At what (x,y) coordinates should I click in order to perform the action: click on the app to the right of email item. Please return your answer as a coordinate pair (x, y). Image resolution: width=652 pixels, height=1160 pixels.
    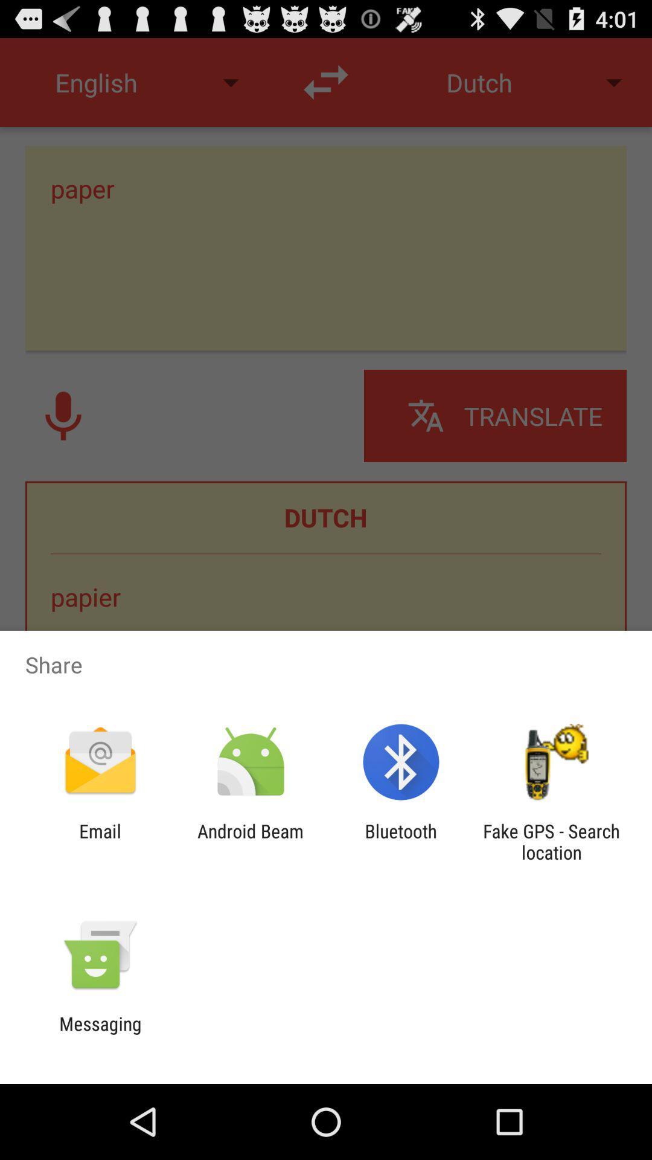
    Looking at the image, I should click on (250, 841).